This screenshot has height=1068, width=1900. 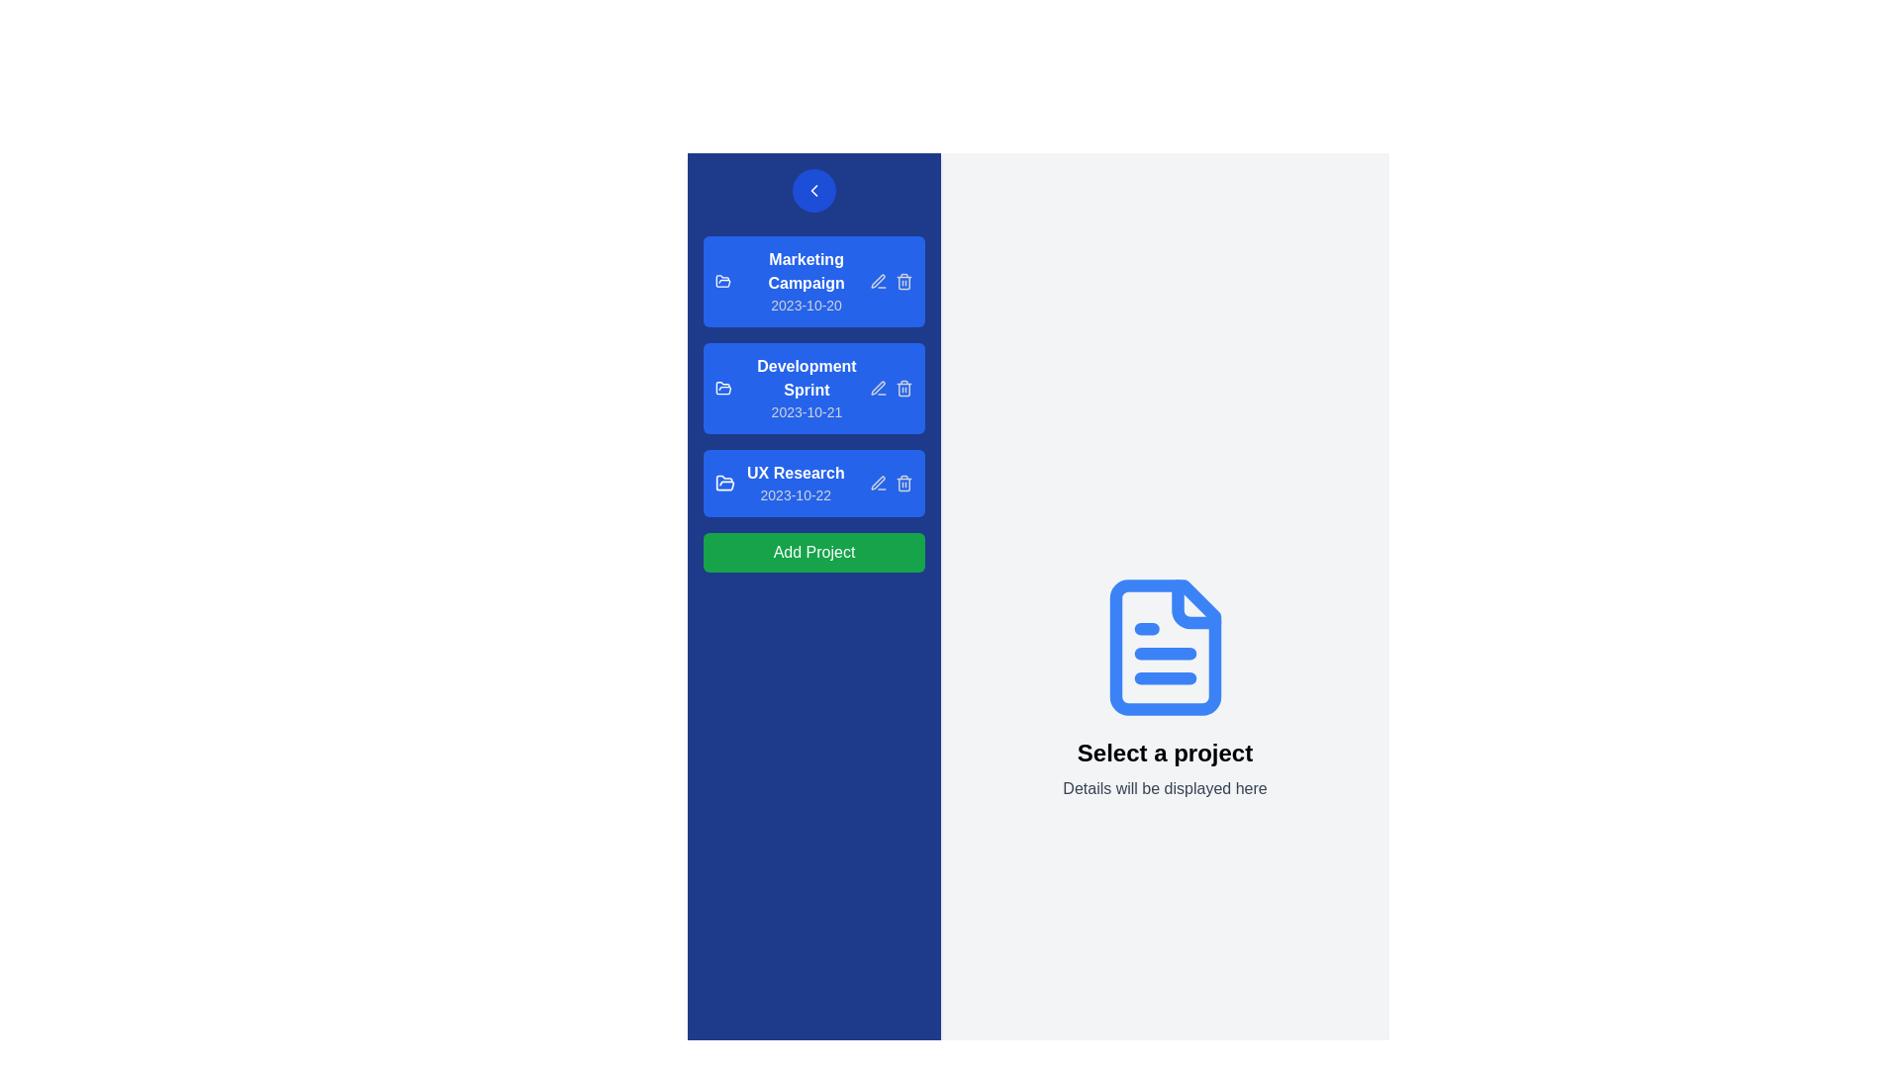 I want to click on the 'Marketing Campaign' text label located at the top of the project card, so click(x=807, y=271).